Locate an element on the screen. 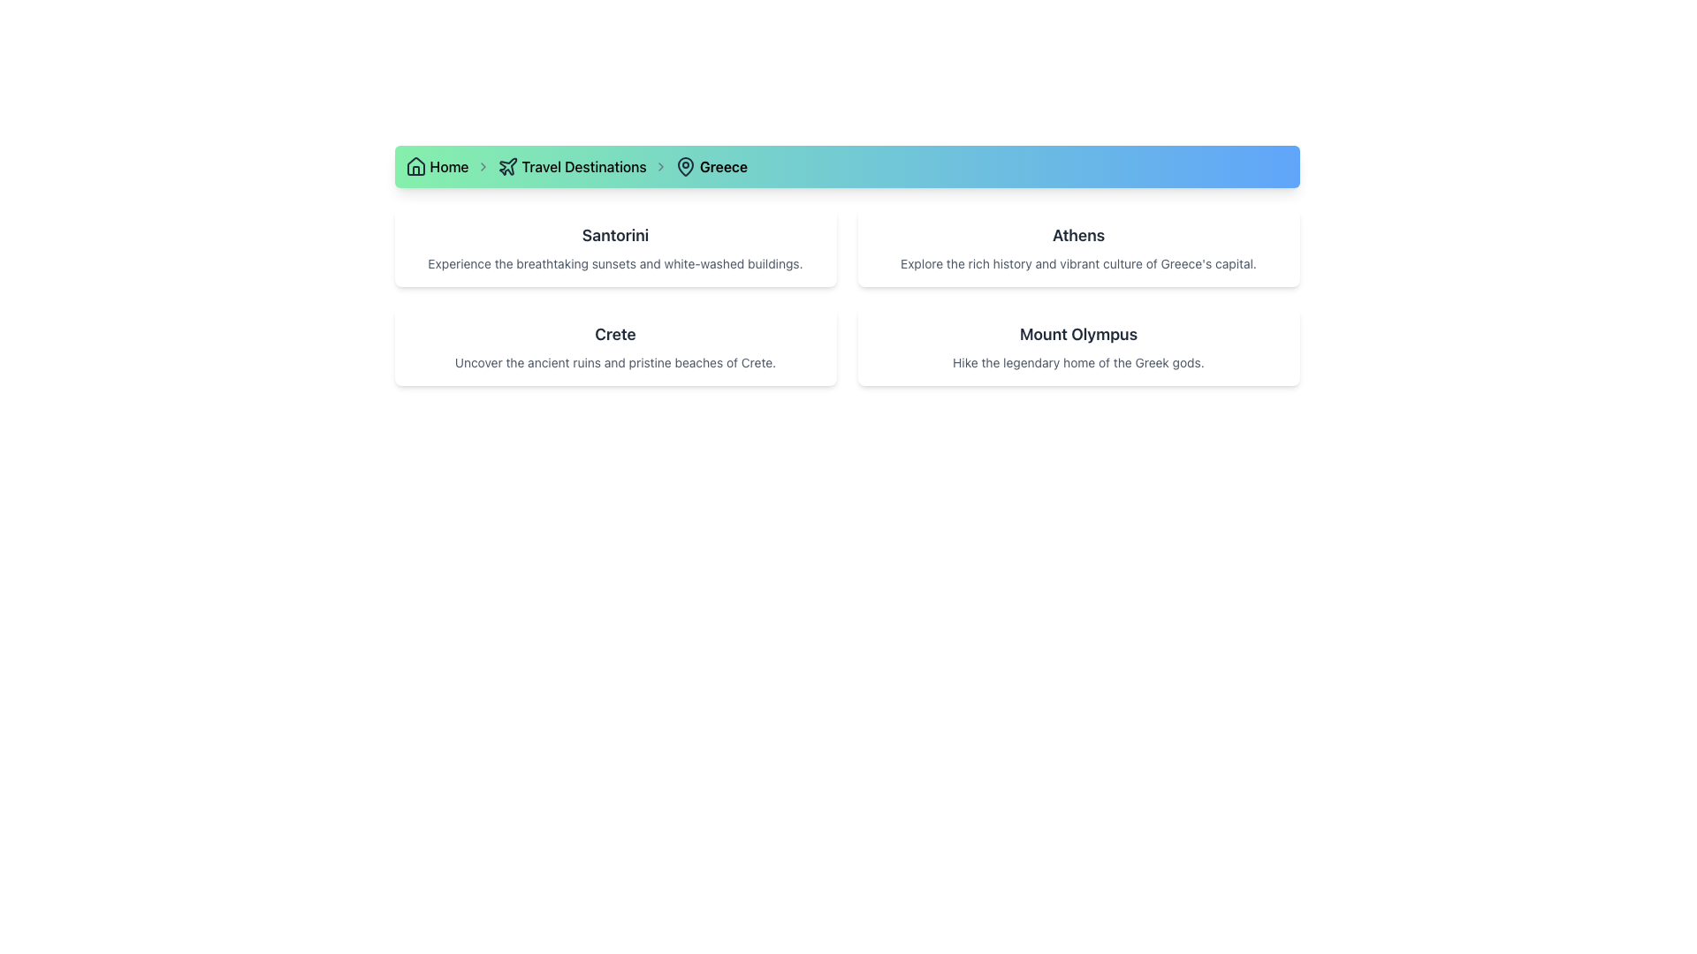  the text element displaying 'Greece' in the breadcrumb navigation bar, which is styled with a bold font and positioned at the far right of the bar is located at coordinates (723, 167).